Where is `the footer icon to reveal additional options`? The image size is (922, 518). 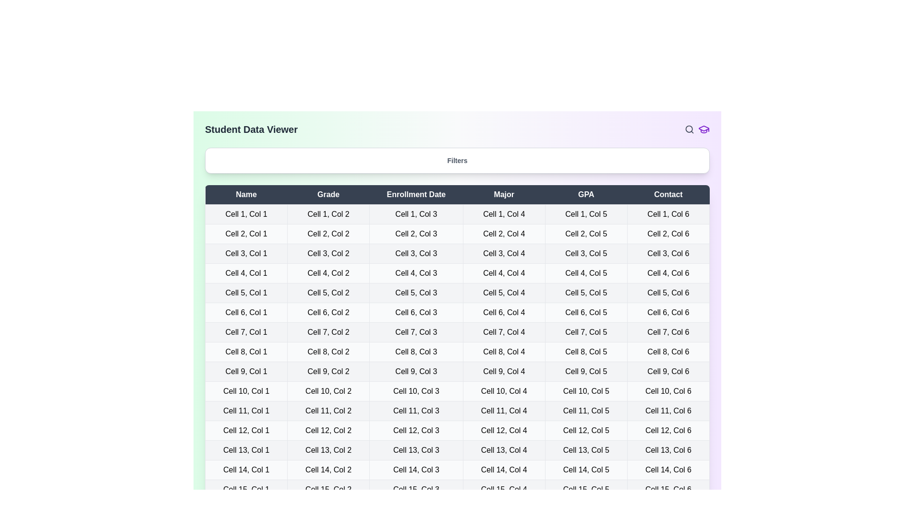 the footer icon to reveal additional options is located at coordinates (704, 512).